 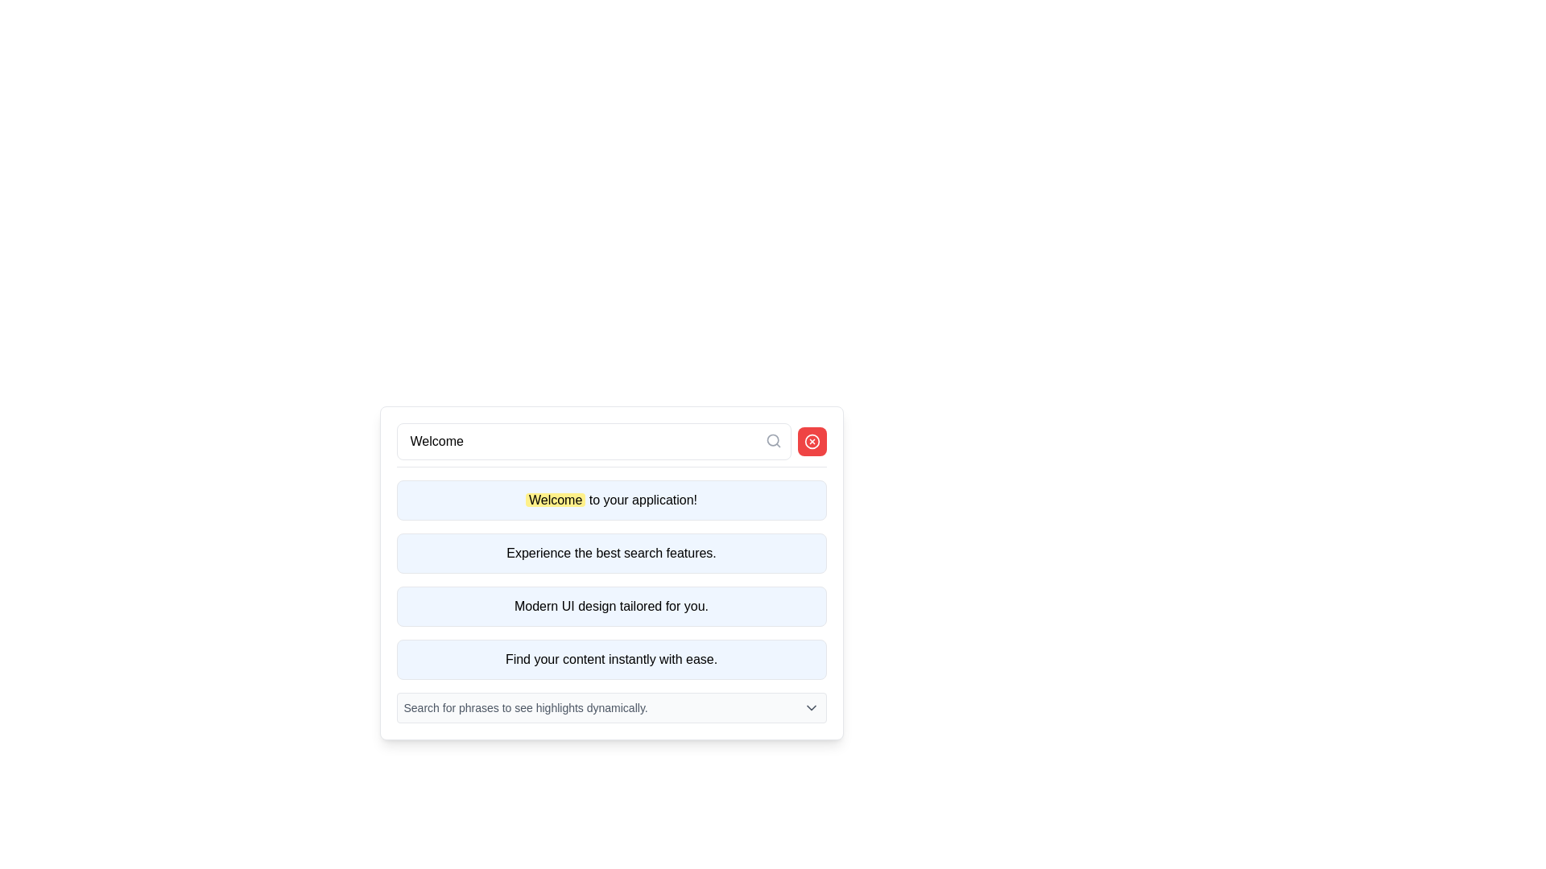 What do you see at coordinates (610, 572) in the screenshot?
I see `the Informational Box with the message 'Experience the best search features.' which is styled with a light blue background and rounded corners, located between the 'Welcome to your application!' and 'Modern UI design tailored for you.' boxes` at bounding box center [610, 572].